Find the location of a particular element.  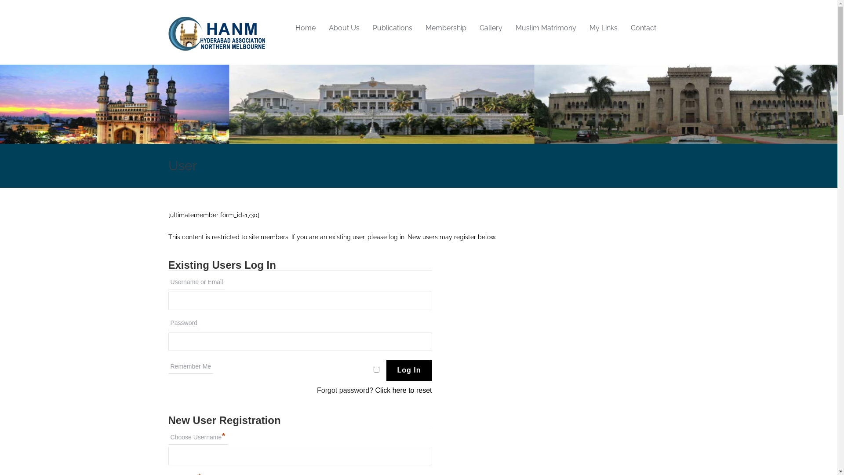

'Search' is located at coordinates (2, 3).